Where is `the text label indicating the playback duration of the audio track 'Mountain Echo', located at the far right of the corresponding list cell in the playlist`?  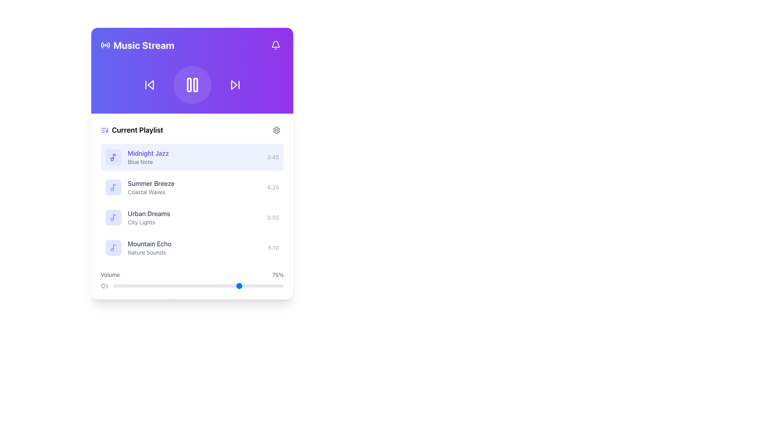 the text label indicating the playback duration of the audio track 'Mountain Echo', located at the far right of the corresponding list cell in the playlist is located at coordinates (273, 247).